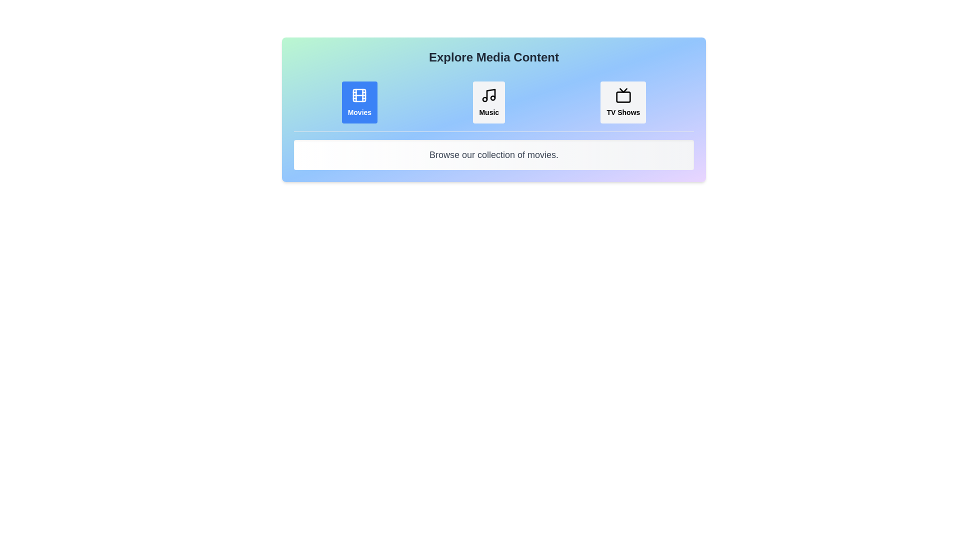 Image resolution: width=960 pixels, height=540 pixels. I want to click on the television icon within the 'TV Shows' card, which is styled with bold lines and sharp edges, and is located at the rightmost position in the row of icons, so click(622, 95).